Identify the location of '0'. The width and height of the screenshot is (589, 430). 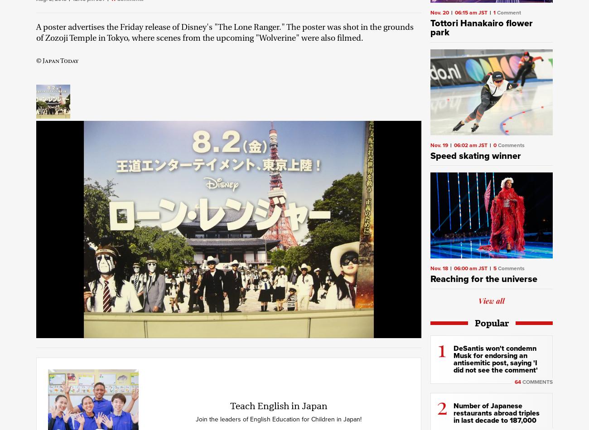
(494, 144).